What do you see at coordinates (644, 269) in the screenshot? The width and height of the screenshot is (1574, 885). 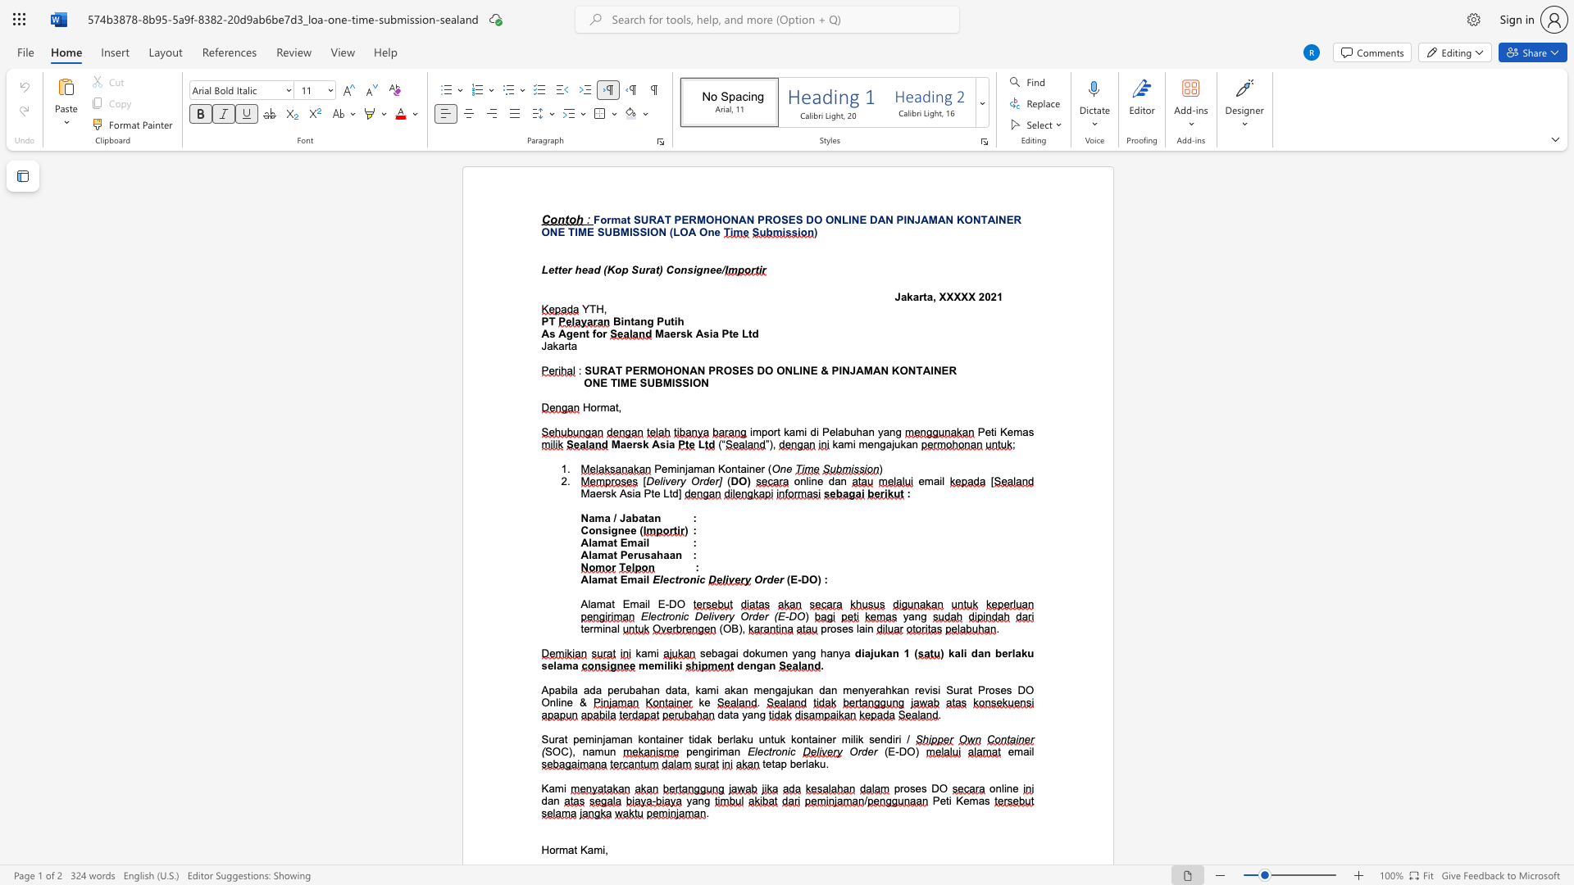 I see `the subset text "rat) Consignee/" within the text "Letter head (Kop Surat) Consignee/"` at bounding box center [644, 269].